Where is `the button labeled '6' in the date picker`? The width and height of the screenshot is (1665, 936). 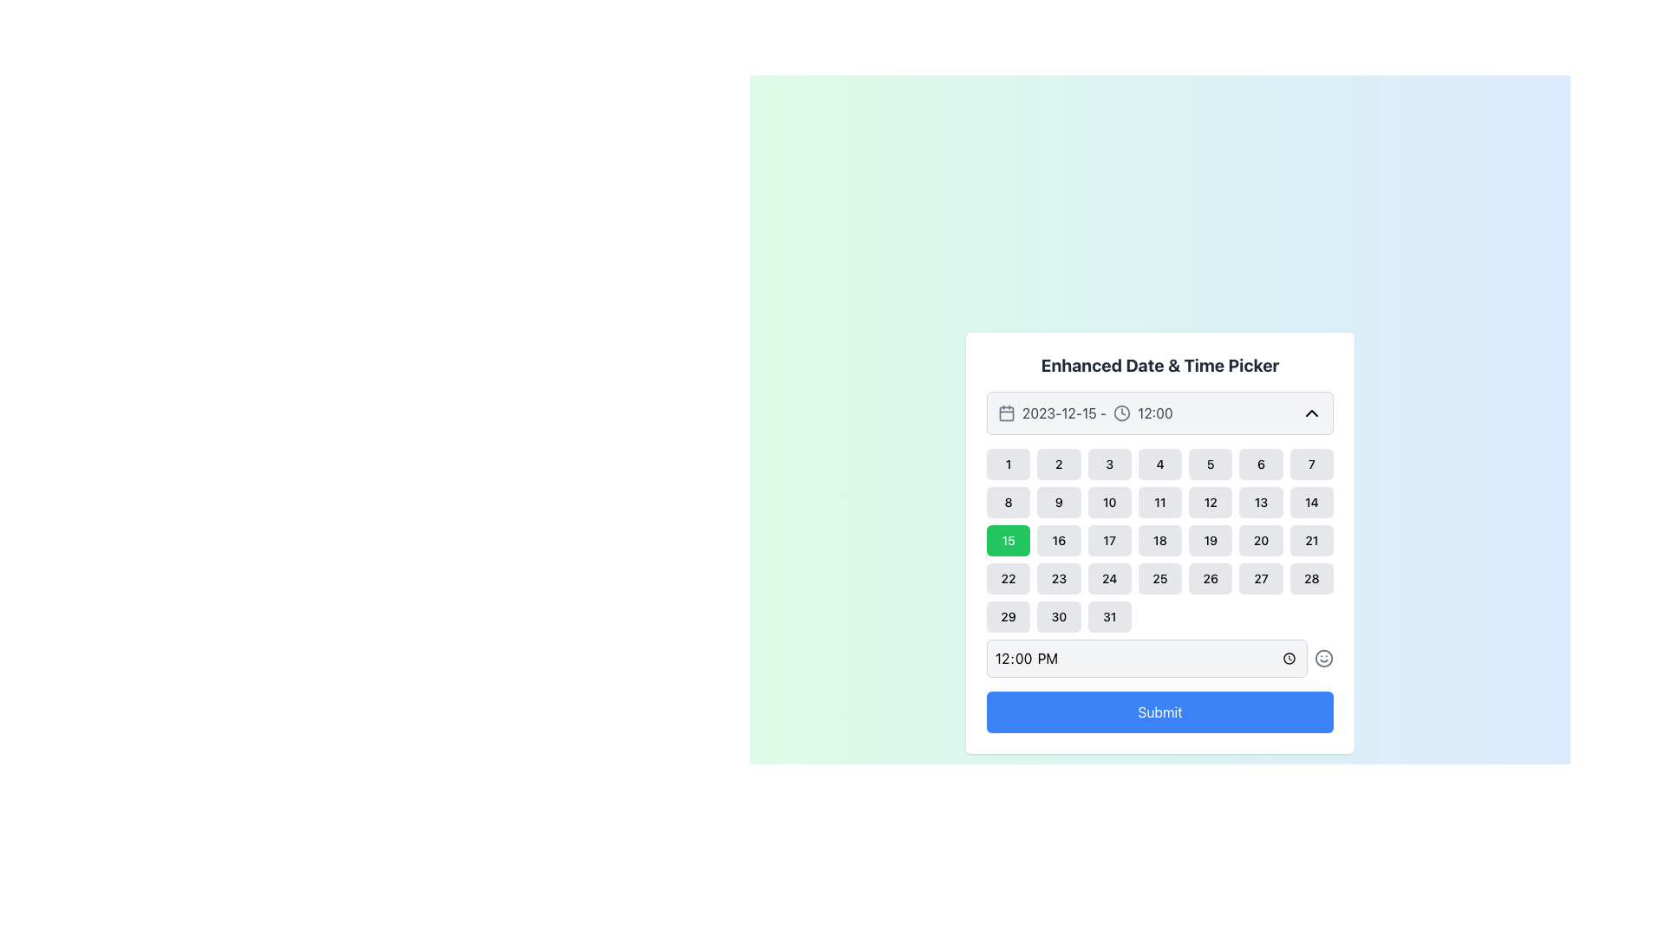 the button labeled '6' in the date picker is located at coordinates (1261, 464).